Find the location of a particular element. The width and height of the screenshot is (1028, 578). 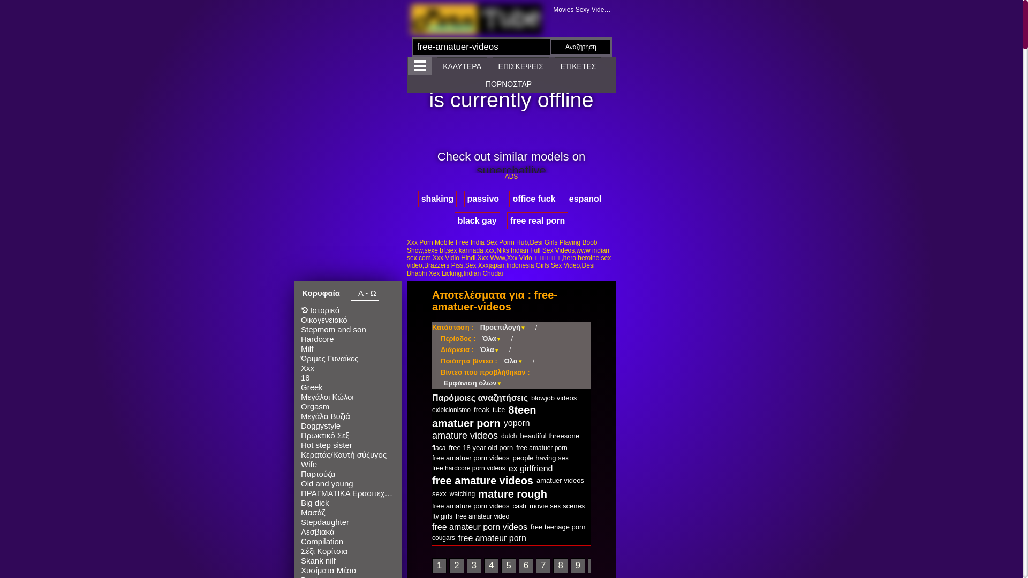

'Skank nilf' is located at coordinates (300, 560).